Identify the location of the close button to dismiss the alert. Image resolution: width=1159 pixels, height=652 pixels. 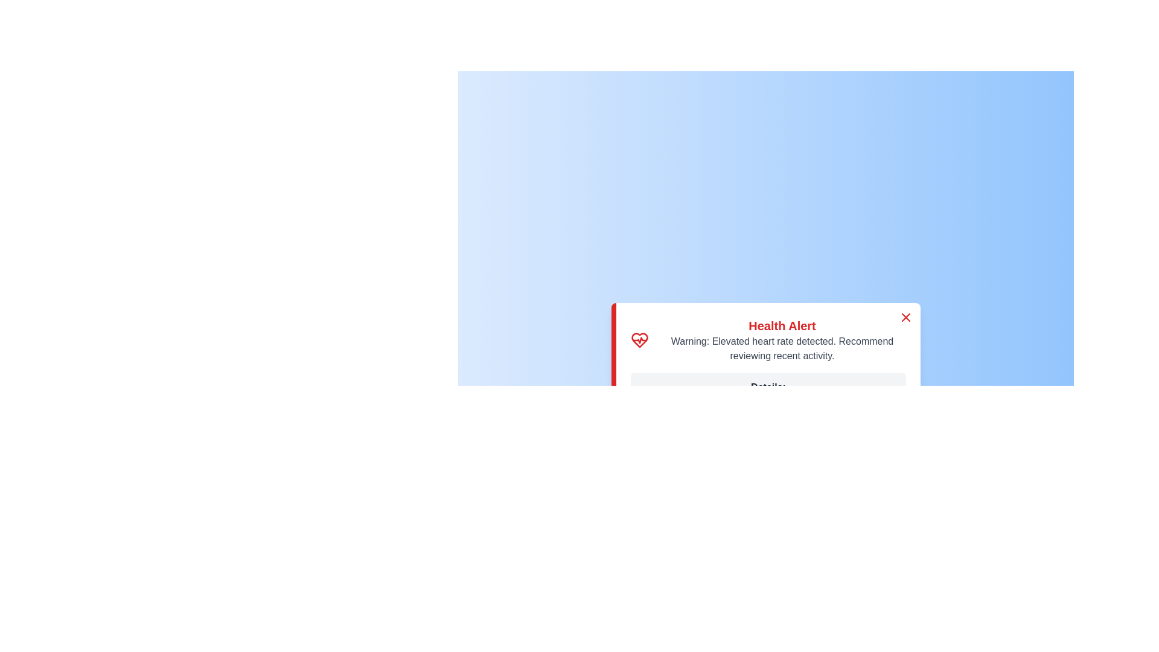
(906, 316).